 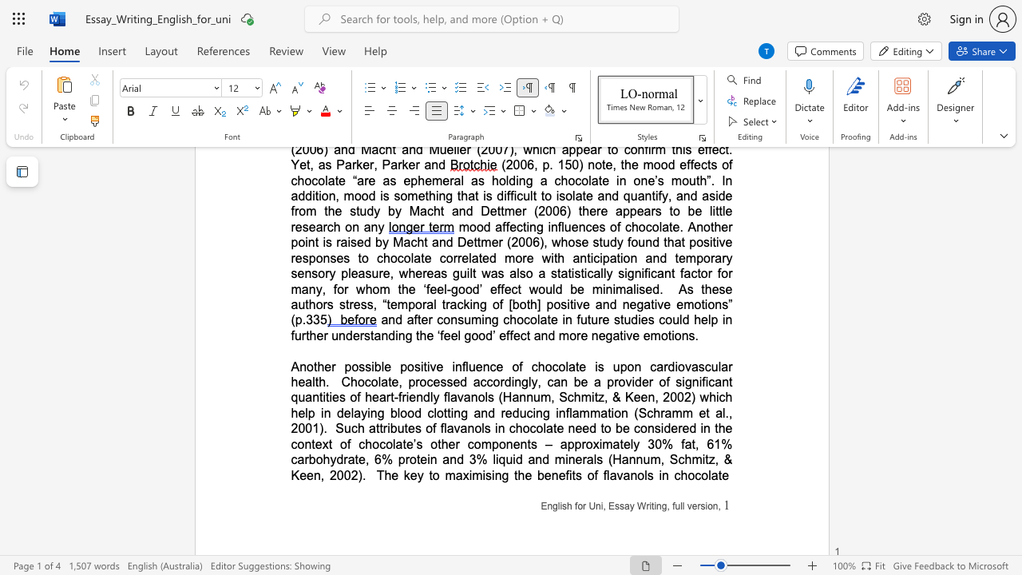 I want to click on the space between the continuous character "b" and "l" in the text, so click(x=396, y=412).